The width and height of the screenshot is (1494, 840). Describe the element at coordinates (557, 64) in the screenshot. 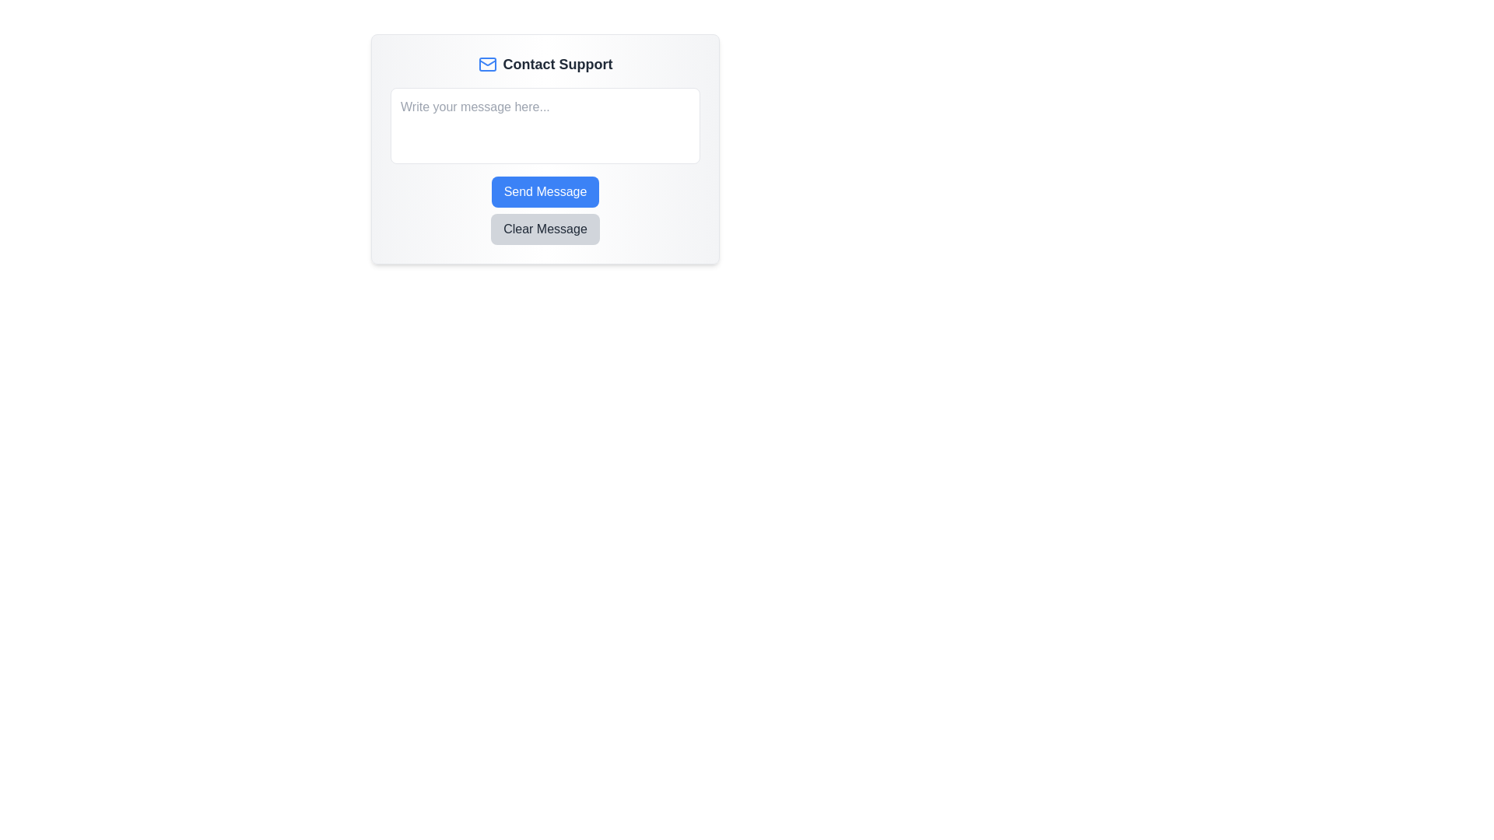

I see `the 'Contact Support' text label, which is styled in bold dark gray and located beside a blue envelope icon in the top left section of a card layout` at that location.